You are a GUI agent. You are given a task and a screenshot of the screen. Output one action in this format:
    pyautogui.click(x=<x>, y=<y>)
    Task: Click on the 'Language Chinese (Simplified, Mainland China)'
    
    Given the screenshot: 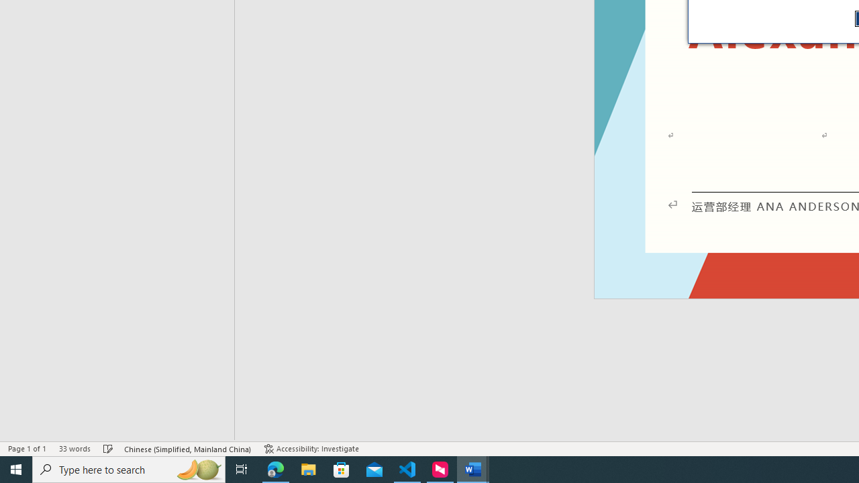 What is the action you would take?
    pyautogui.click(x=187, y=449)
    